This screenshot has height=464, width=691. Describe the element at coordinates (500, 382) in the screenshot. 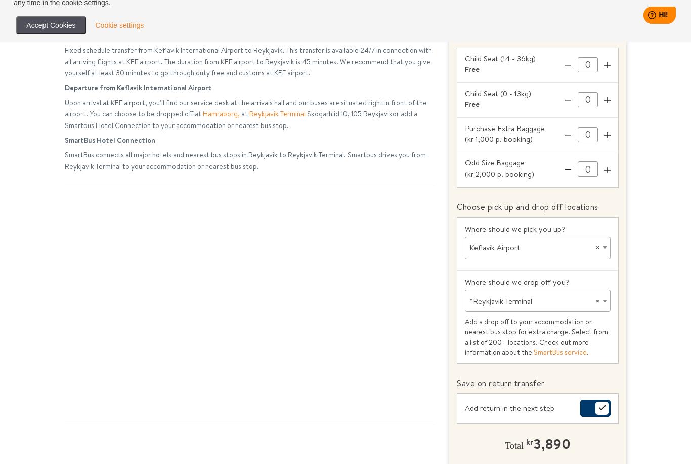

I see `'Save on return transfer'` at that location.